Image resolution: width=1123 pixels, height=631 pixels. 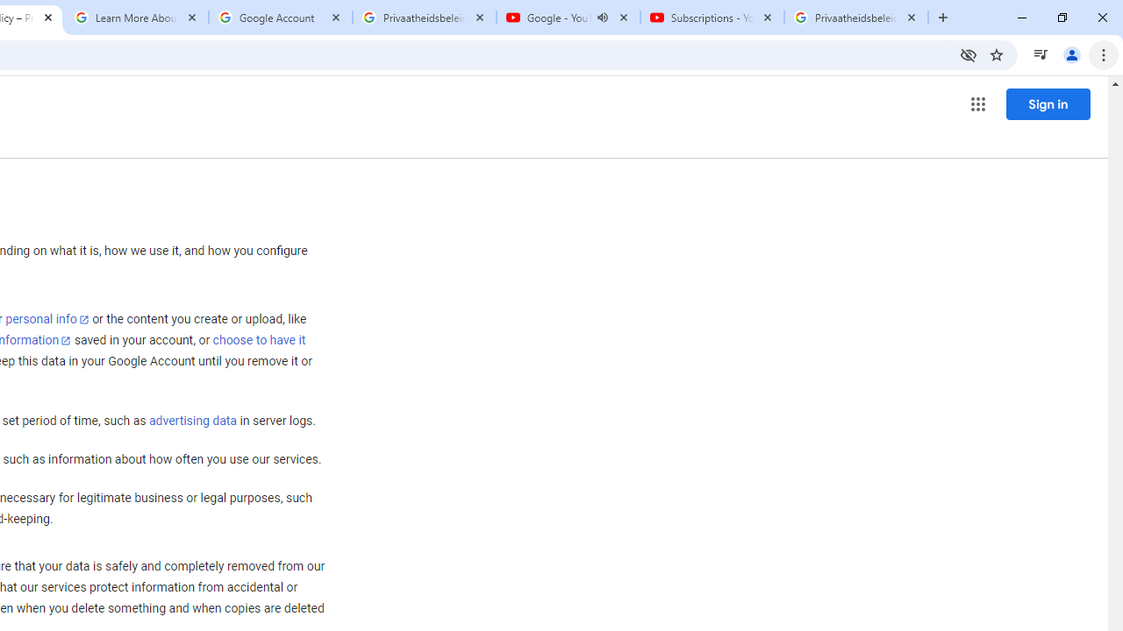 I want to click on 'personal info', so click(x=47, y=319).